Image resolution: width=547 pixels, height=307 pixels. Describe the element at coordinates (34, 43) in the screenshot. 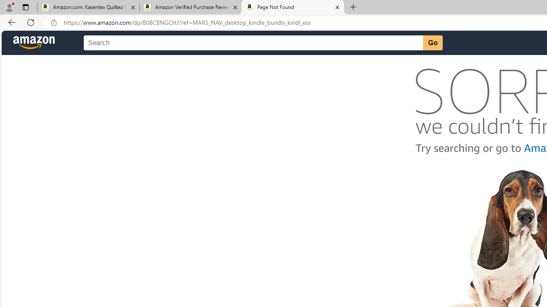

I see `'Amazon'` at that location.